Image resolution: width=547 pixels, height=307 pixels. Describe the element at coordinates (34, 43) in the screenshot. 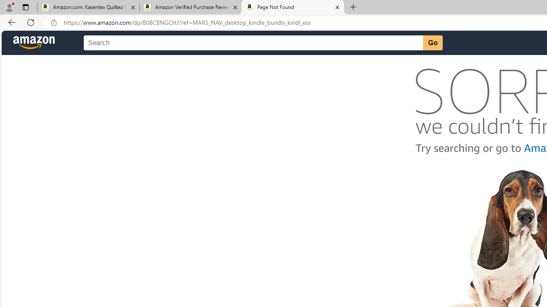

I see `'Amazon'` at that location.